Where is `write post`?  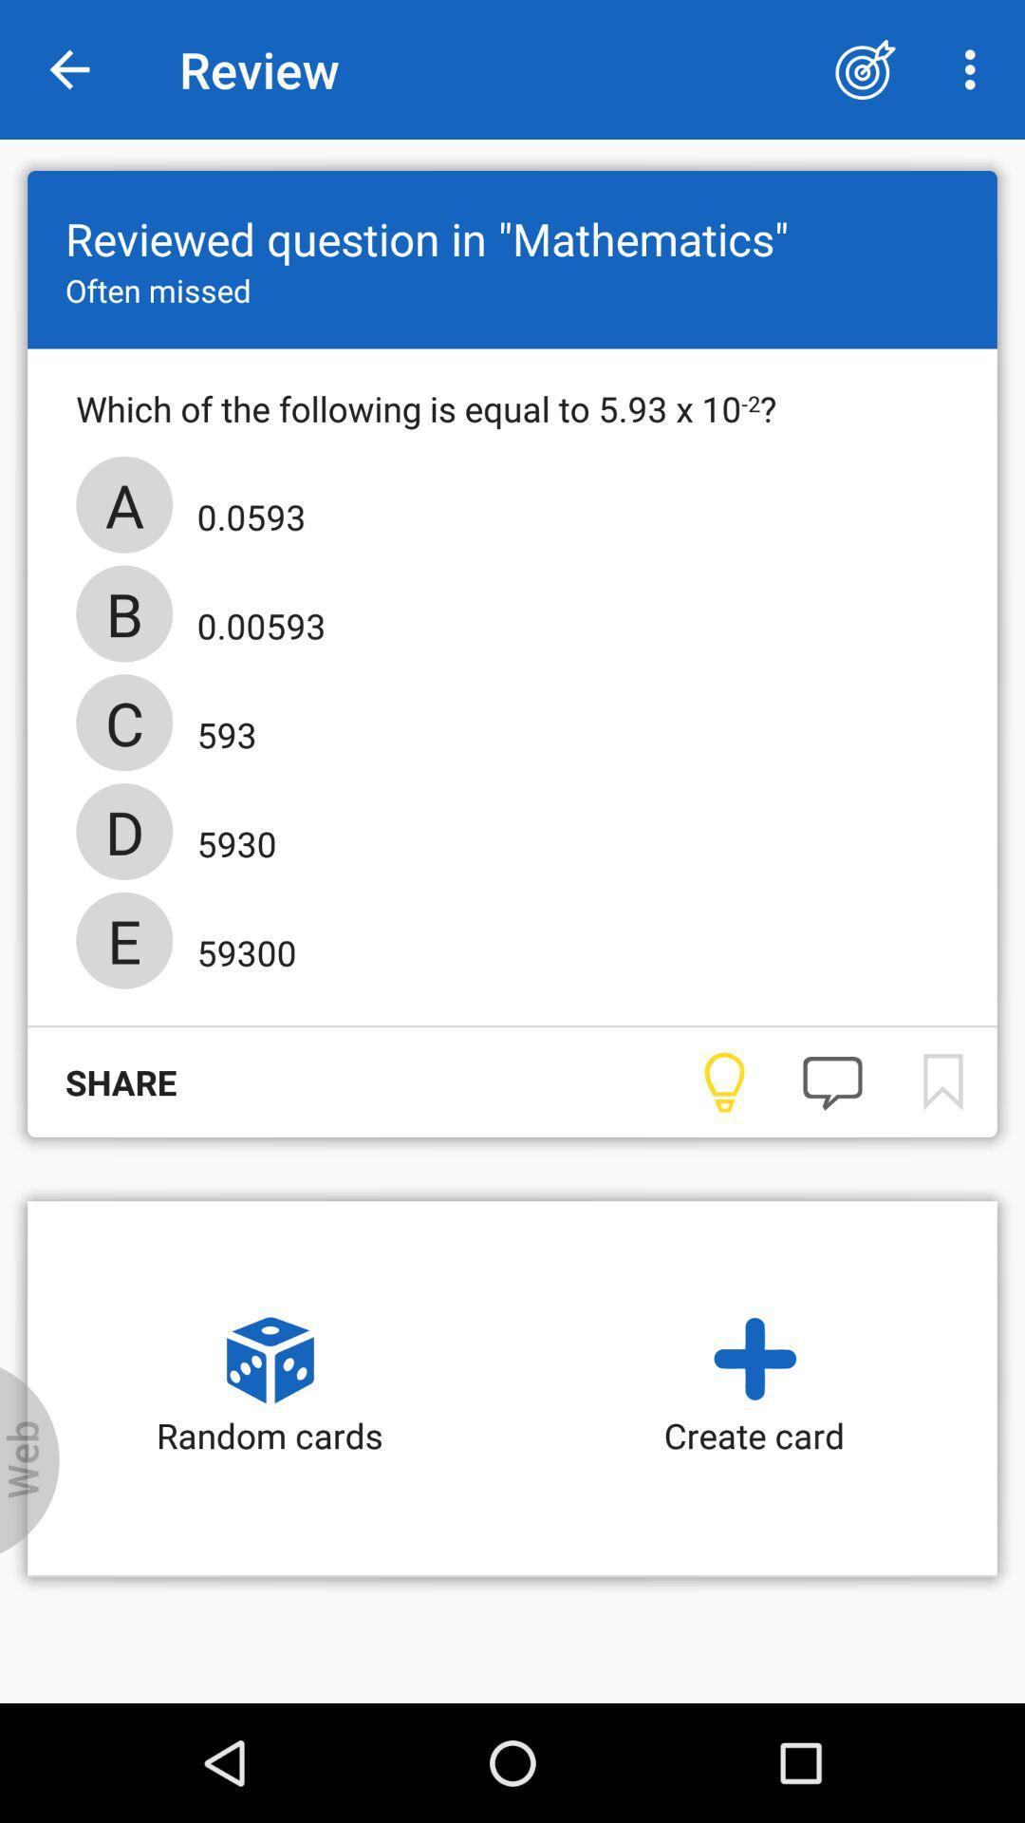 write post is located at coordinates (831, 1082).